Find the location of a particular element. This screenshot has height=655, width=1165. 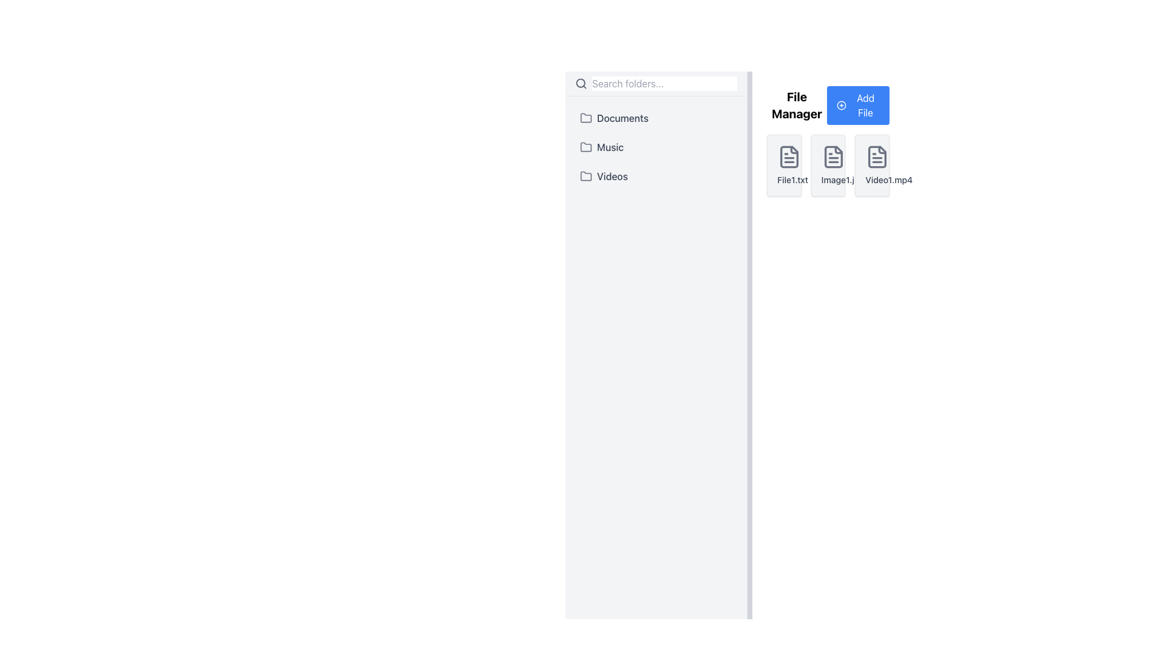

the circular part of the search icon located at the top left of the file manager interface, adjacent to the search input bar labeled 'Search folders...' is located at coordinates (580, 82).